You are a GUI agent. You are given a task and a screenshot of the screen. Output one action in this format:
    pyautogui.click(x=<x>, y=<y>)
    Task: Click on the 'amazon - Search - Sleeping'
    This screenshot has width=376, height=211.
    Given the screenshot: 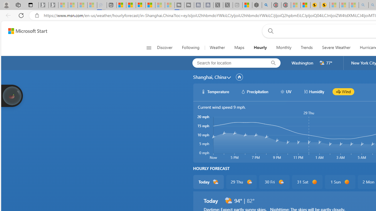 What is the action you would take?
    pyautogui.click(x=363, y=5)
    